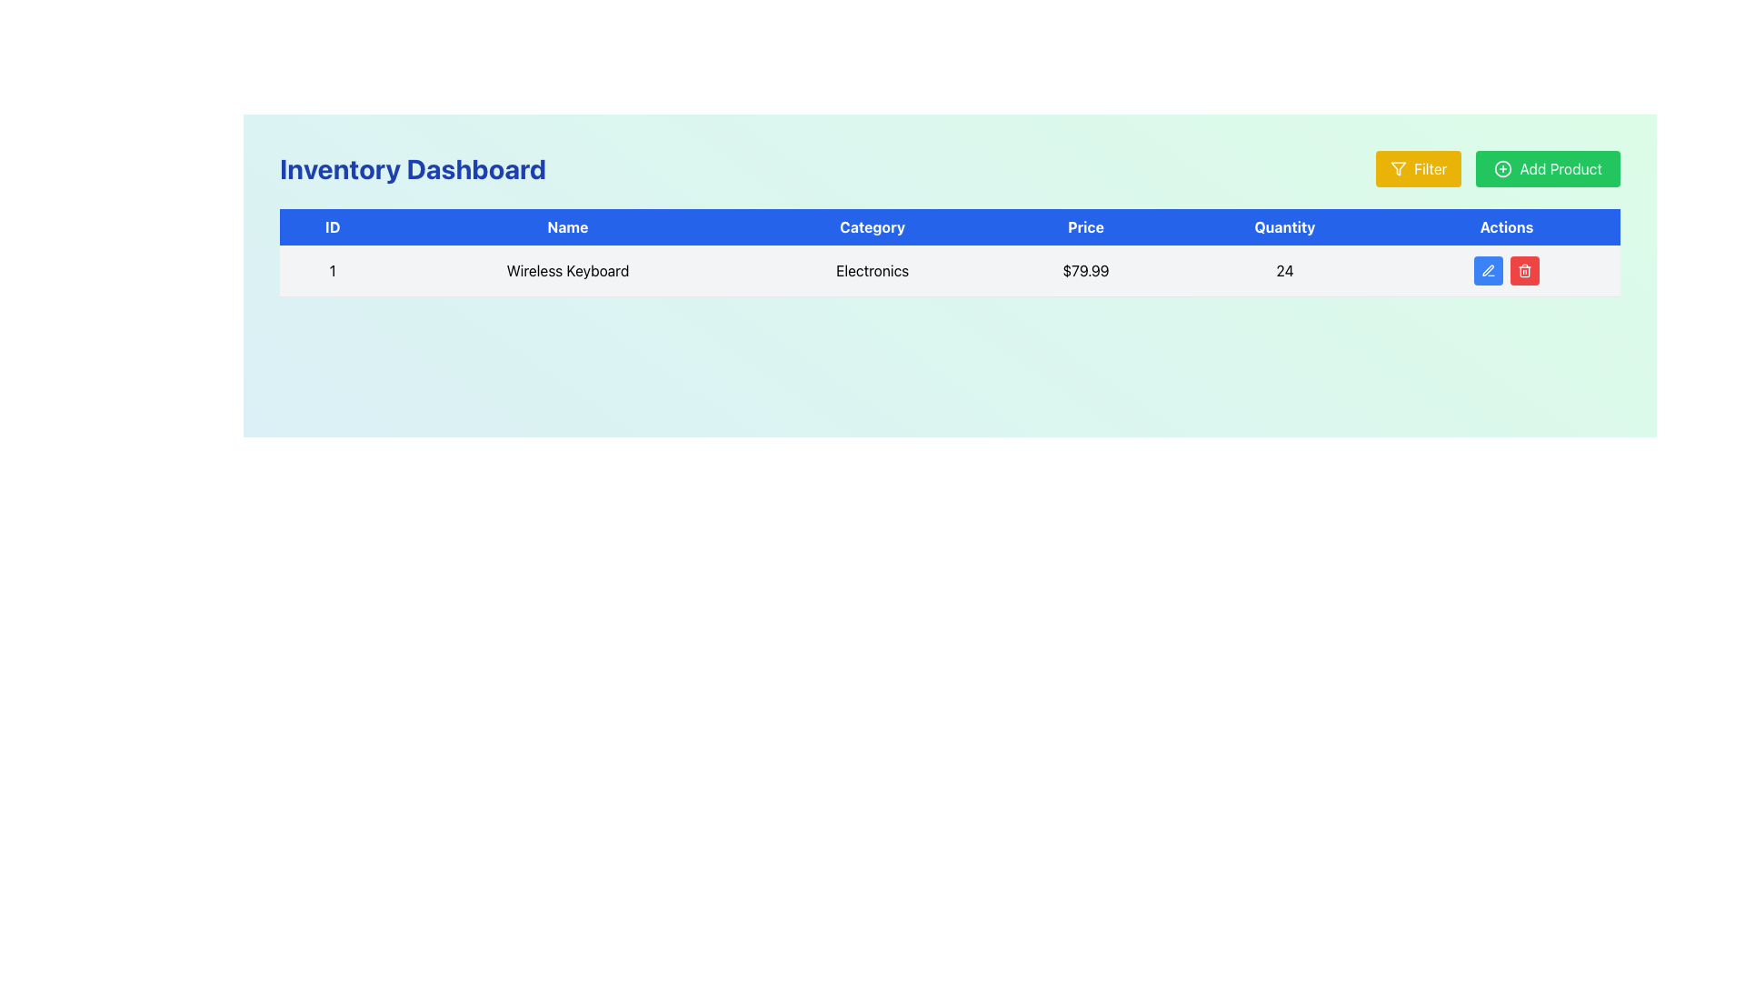 This screenshot has width=1745, height=982. Describe the element at coordinates (1488, 270) in the screenshot. I see `the edit icon button resembling a pen within a blue button located in the 'Actions' column for the 'Wireless Keyboard' product` at that location.